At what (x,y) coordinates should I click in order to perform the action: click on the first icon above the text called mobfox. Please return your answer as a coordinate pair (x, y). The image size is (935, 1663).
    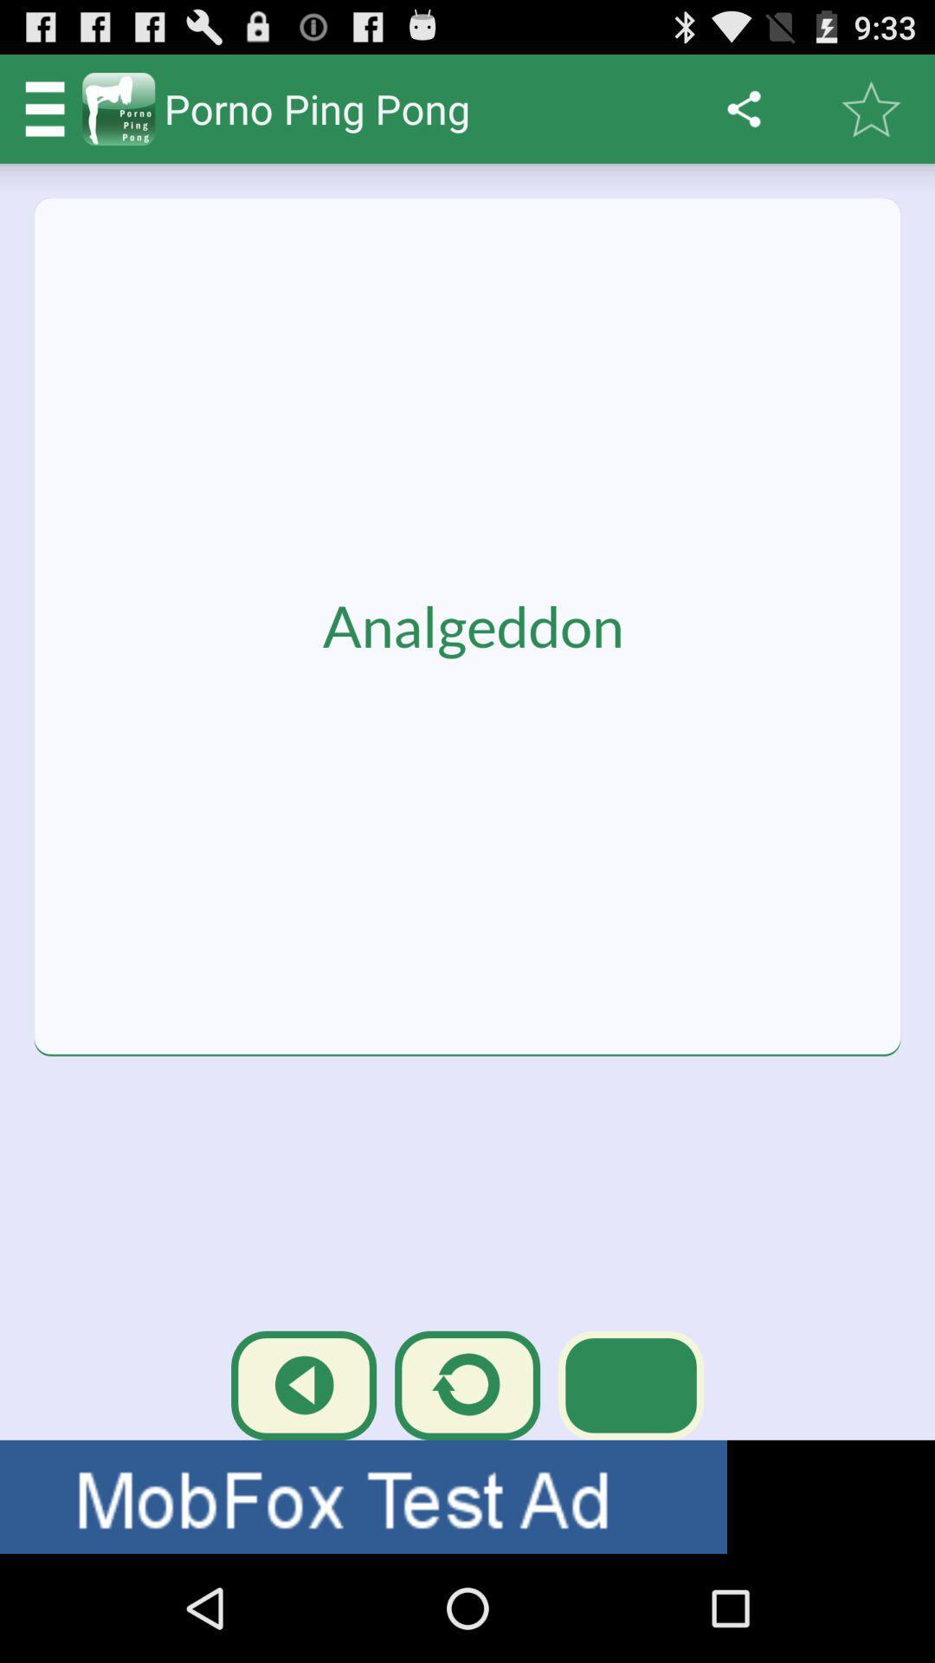
    Looking at the image, I should click on (303, 1384).